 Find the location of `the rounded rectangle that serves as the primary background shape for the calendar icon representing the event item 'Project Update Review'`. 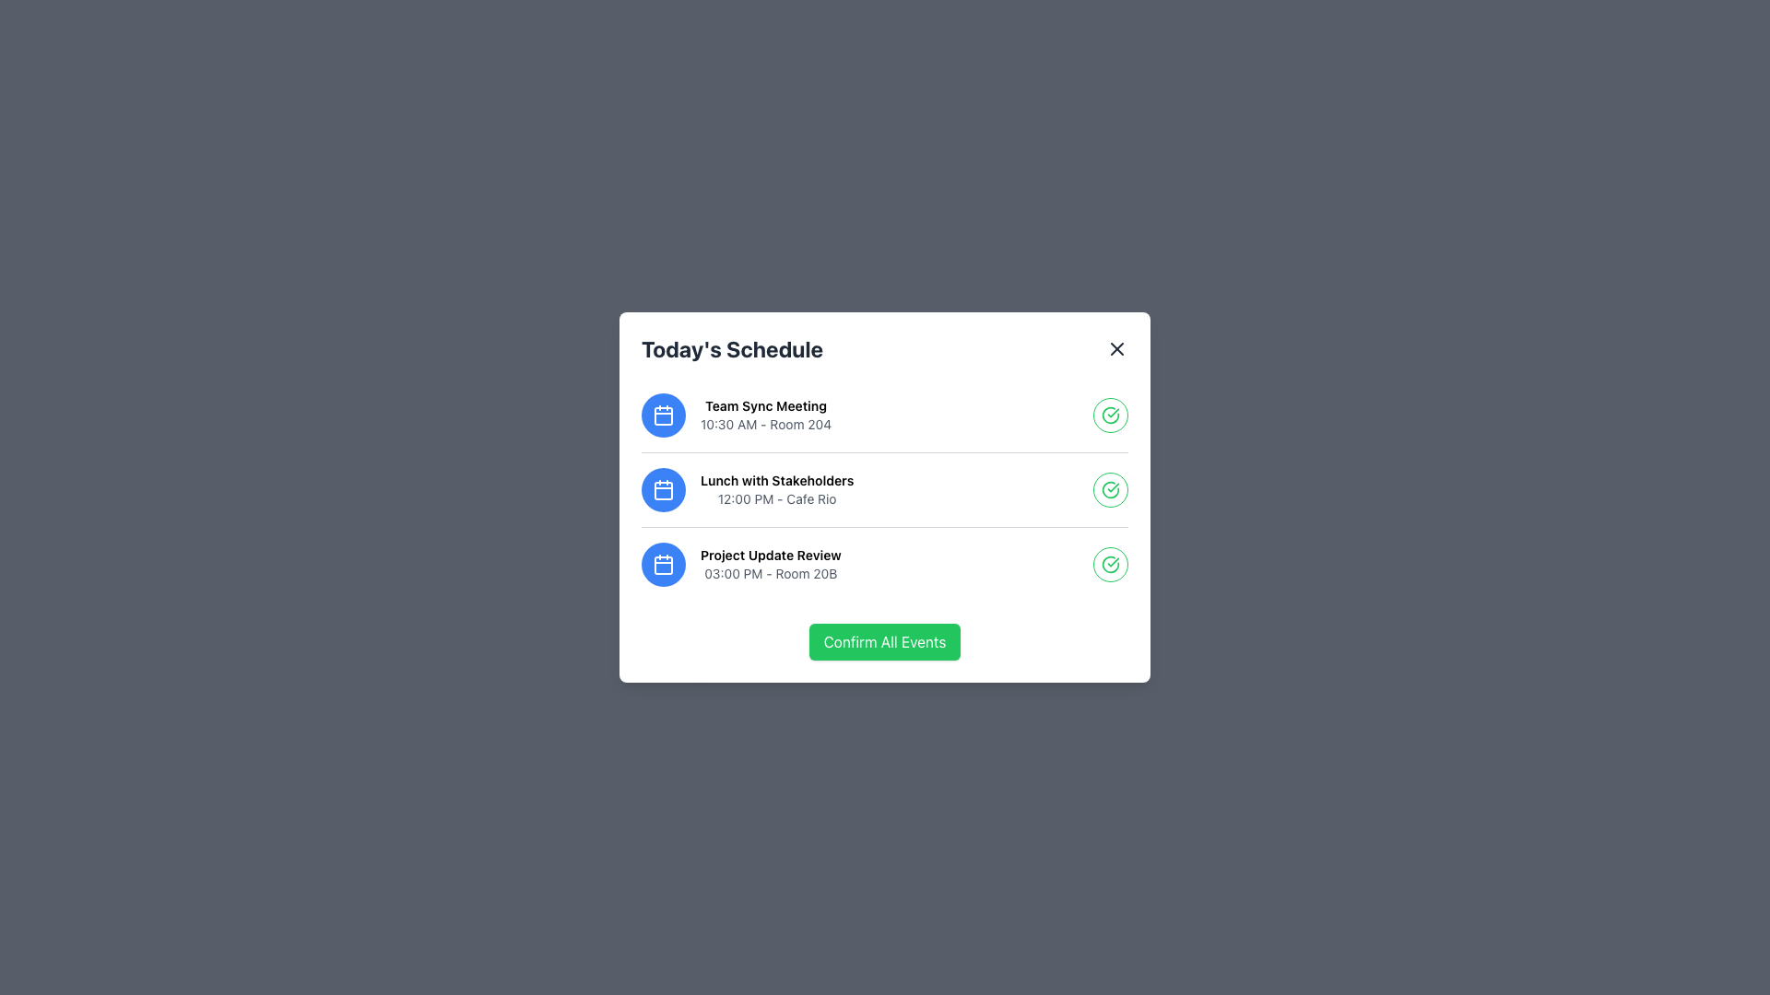

the rounded rectangle that serves as the primary background shape for the calendar icon representing the event item 'Project Update Review' is located at coordinates (664, 564).